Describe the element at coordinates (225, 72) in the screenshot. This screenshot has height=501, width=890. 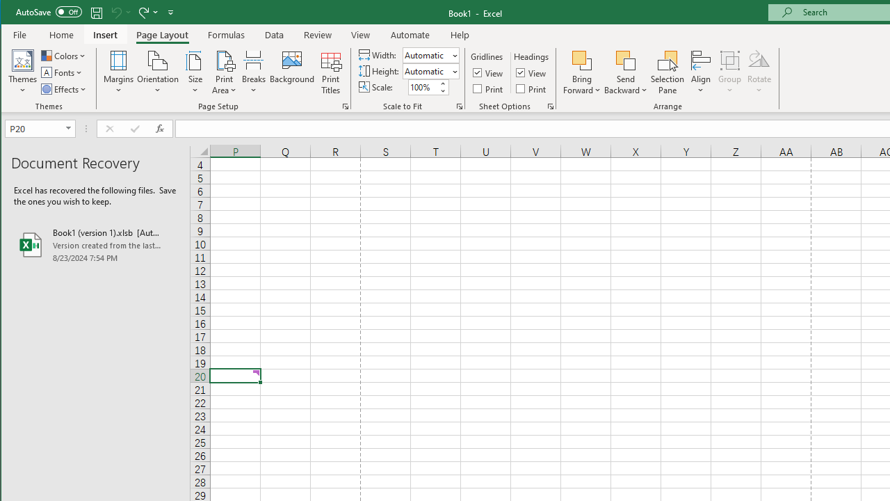
I see `'Print Area'` at that location.